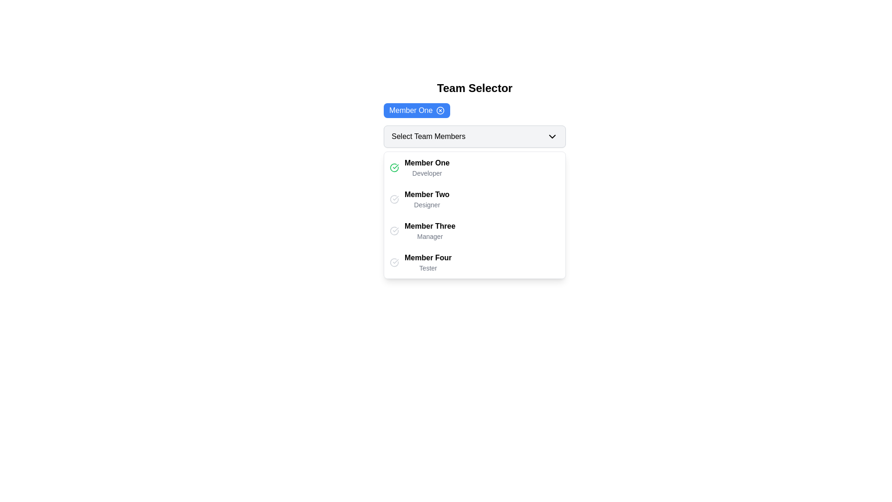 The height and width of the screenshot is (502, 892). Describe the element at coordinates (440, 110) in the screenshot. I see `the interactive icon button` at that location.